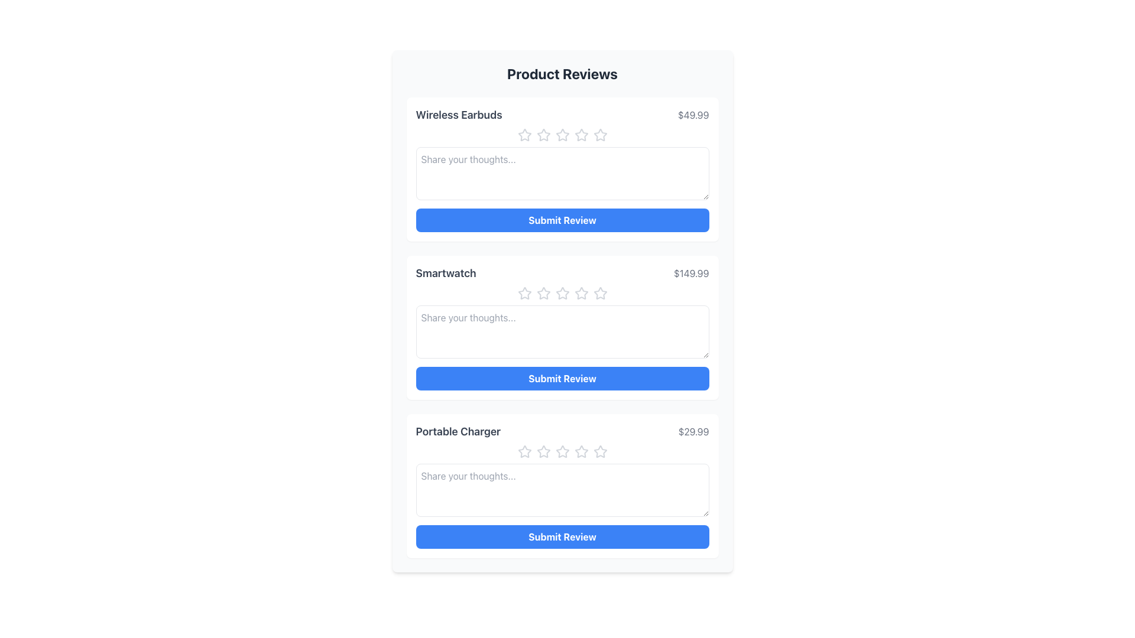 The width and height of the screenshot is (1135, 638). What do you see at coordinates (562, 451) in the screenshot?
I see `the third star icon in the row of five stars under the 'Portable Charger' review card section to rate the product` at bounding box center [562, 451].